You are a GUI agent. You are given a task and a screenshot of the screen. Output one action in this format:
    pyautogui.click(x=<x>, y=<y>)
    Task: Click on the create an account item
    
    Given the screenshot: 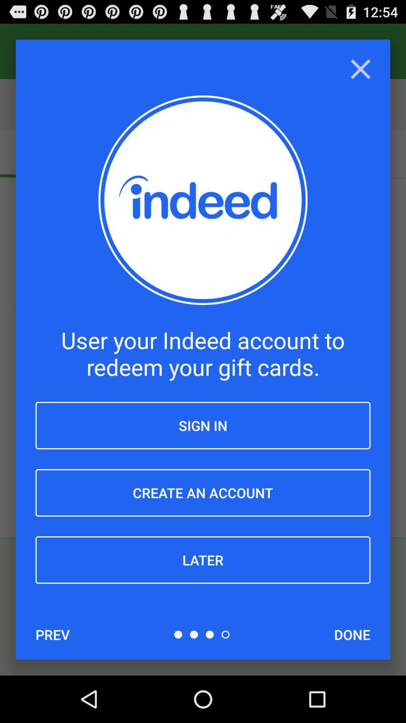 What is the action you would take?
    pyautogui.click(x=203, y=493)
    